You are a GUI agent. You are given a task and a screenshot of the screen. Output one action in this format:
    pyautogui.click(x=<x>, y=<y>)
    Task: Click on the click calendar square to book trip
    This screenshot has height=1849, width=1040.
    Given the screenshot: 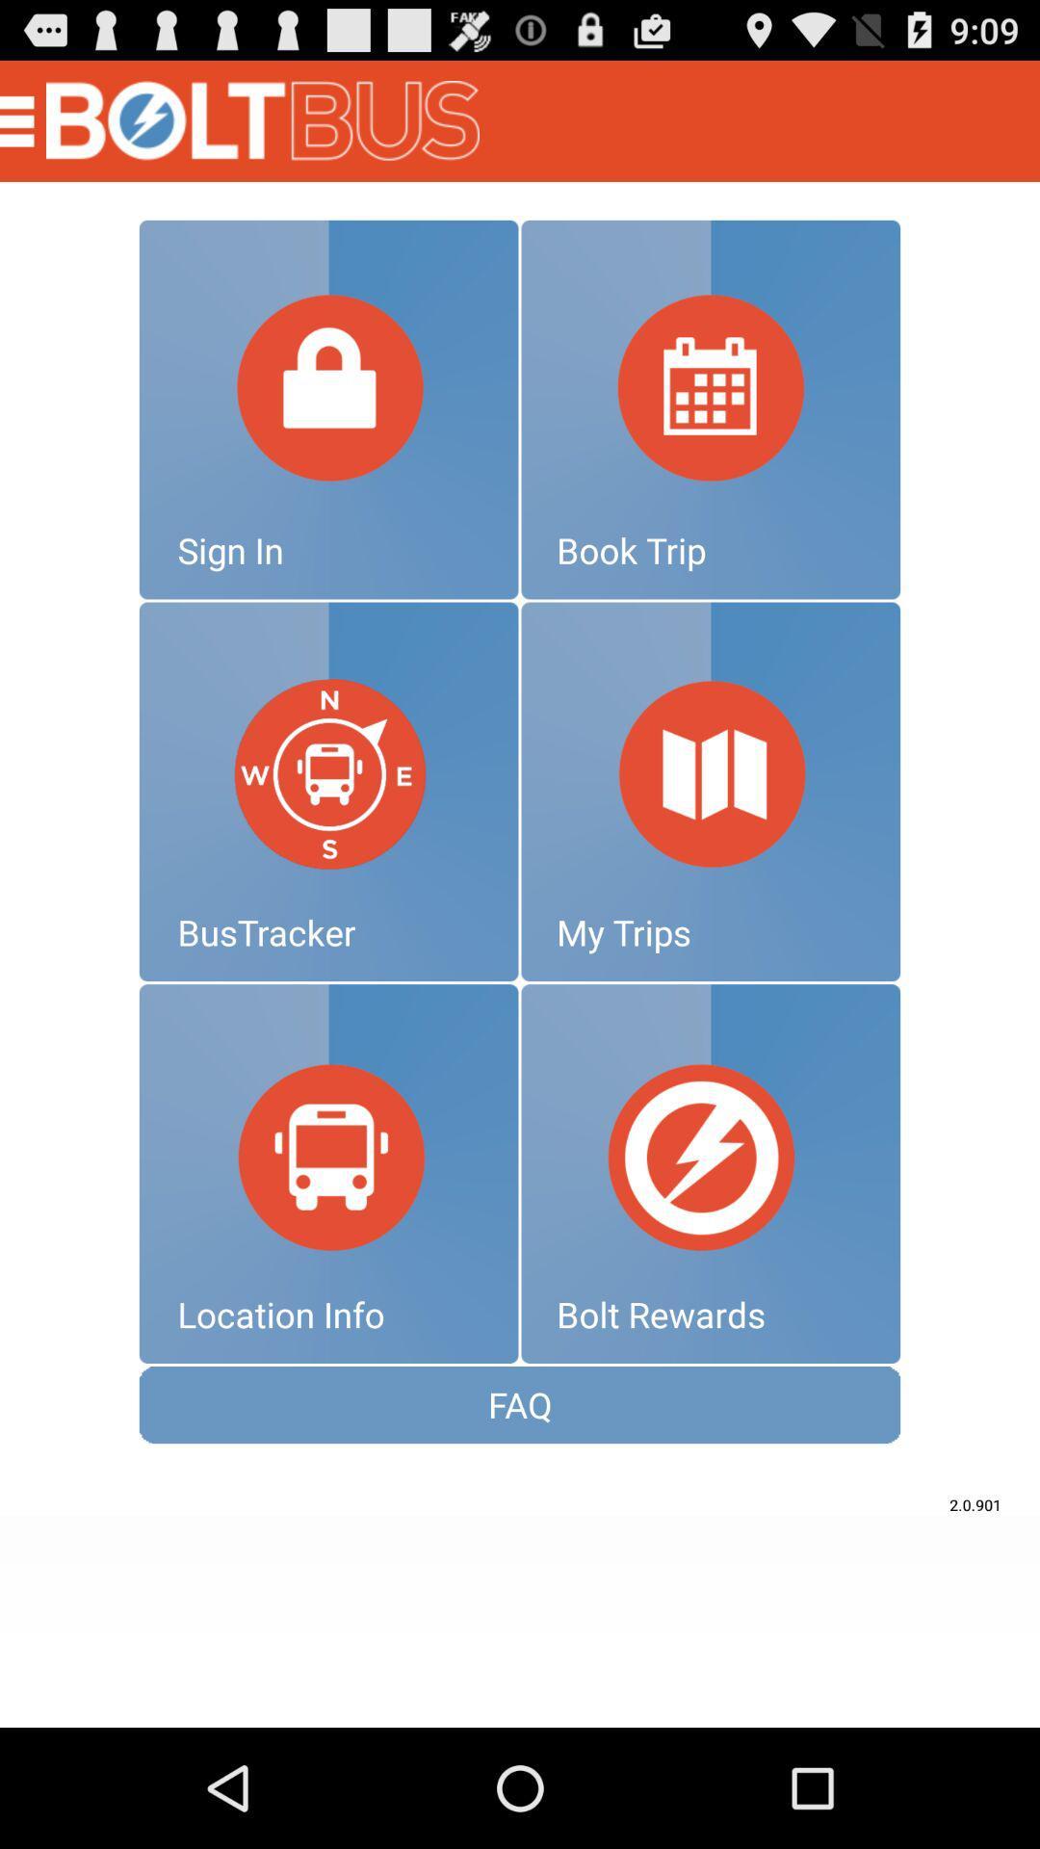 What is the action you would take?
    pyautogui.click(x=711, y=408)
    